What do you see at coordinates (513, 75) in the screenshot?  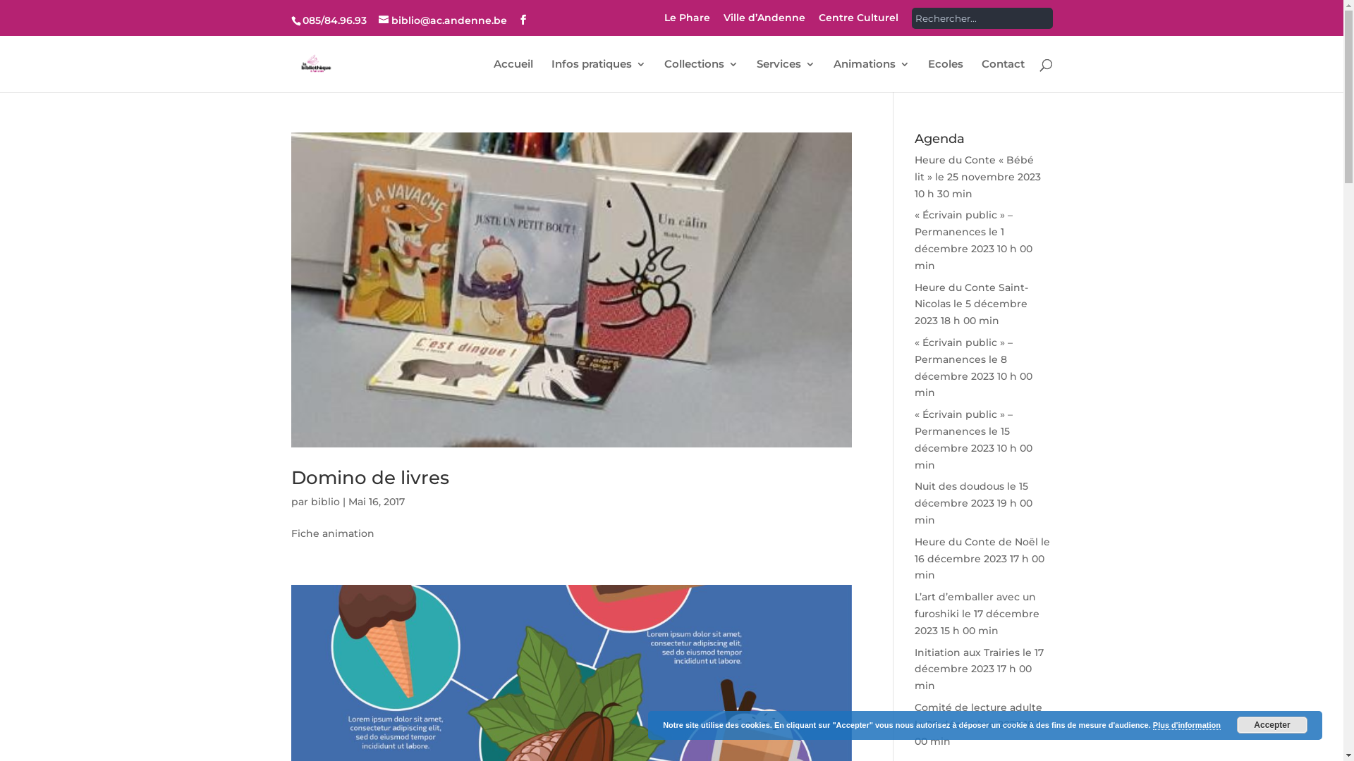 I see `'Accueil'` at bounding box center [513, 75].